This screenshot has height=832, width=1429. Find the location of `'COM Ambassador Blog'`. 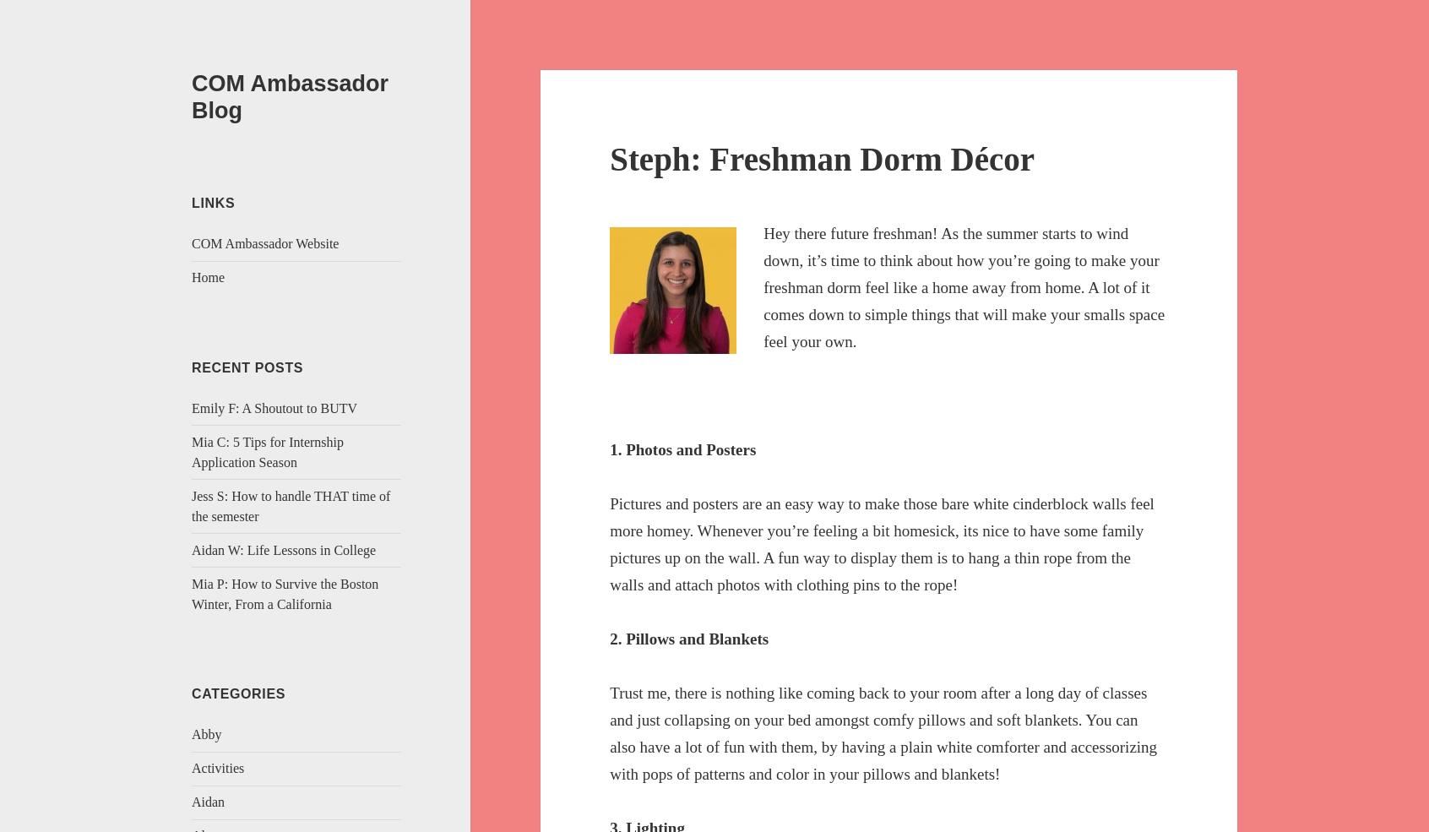

'COM Ambassador Blog' is located at coordinates (289, 95).